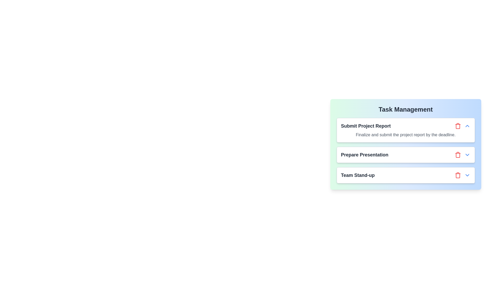 The height and width of the screenshot is (283, 503). Describe the element at coordinates (405, 109) in the screenshot. I see `the text display element that serves as a header titled 'Task Management', which is centrally positioned above the task items in a rounded, gradient-colored card` at that location.